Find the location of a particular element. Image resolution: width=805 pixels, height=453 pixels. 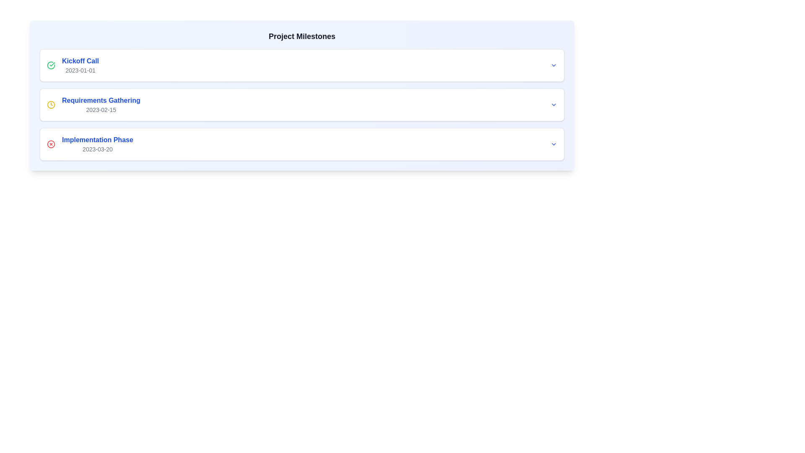

text from the Text Label that serves as a heading for a milestone or event, positioned between 'Kickoff Call' above and 'Implementation Phase' below, located above the date '2023-02-15' and below a yellow clock icon is located at coordinates (101, 100).